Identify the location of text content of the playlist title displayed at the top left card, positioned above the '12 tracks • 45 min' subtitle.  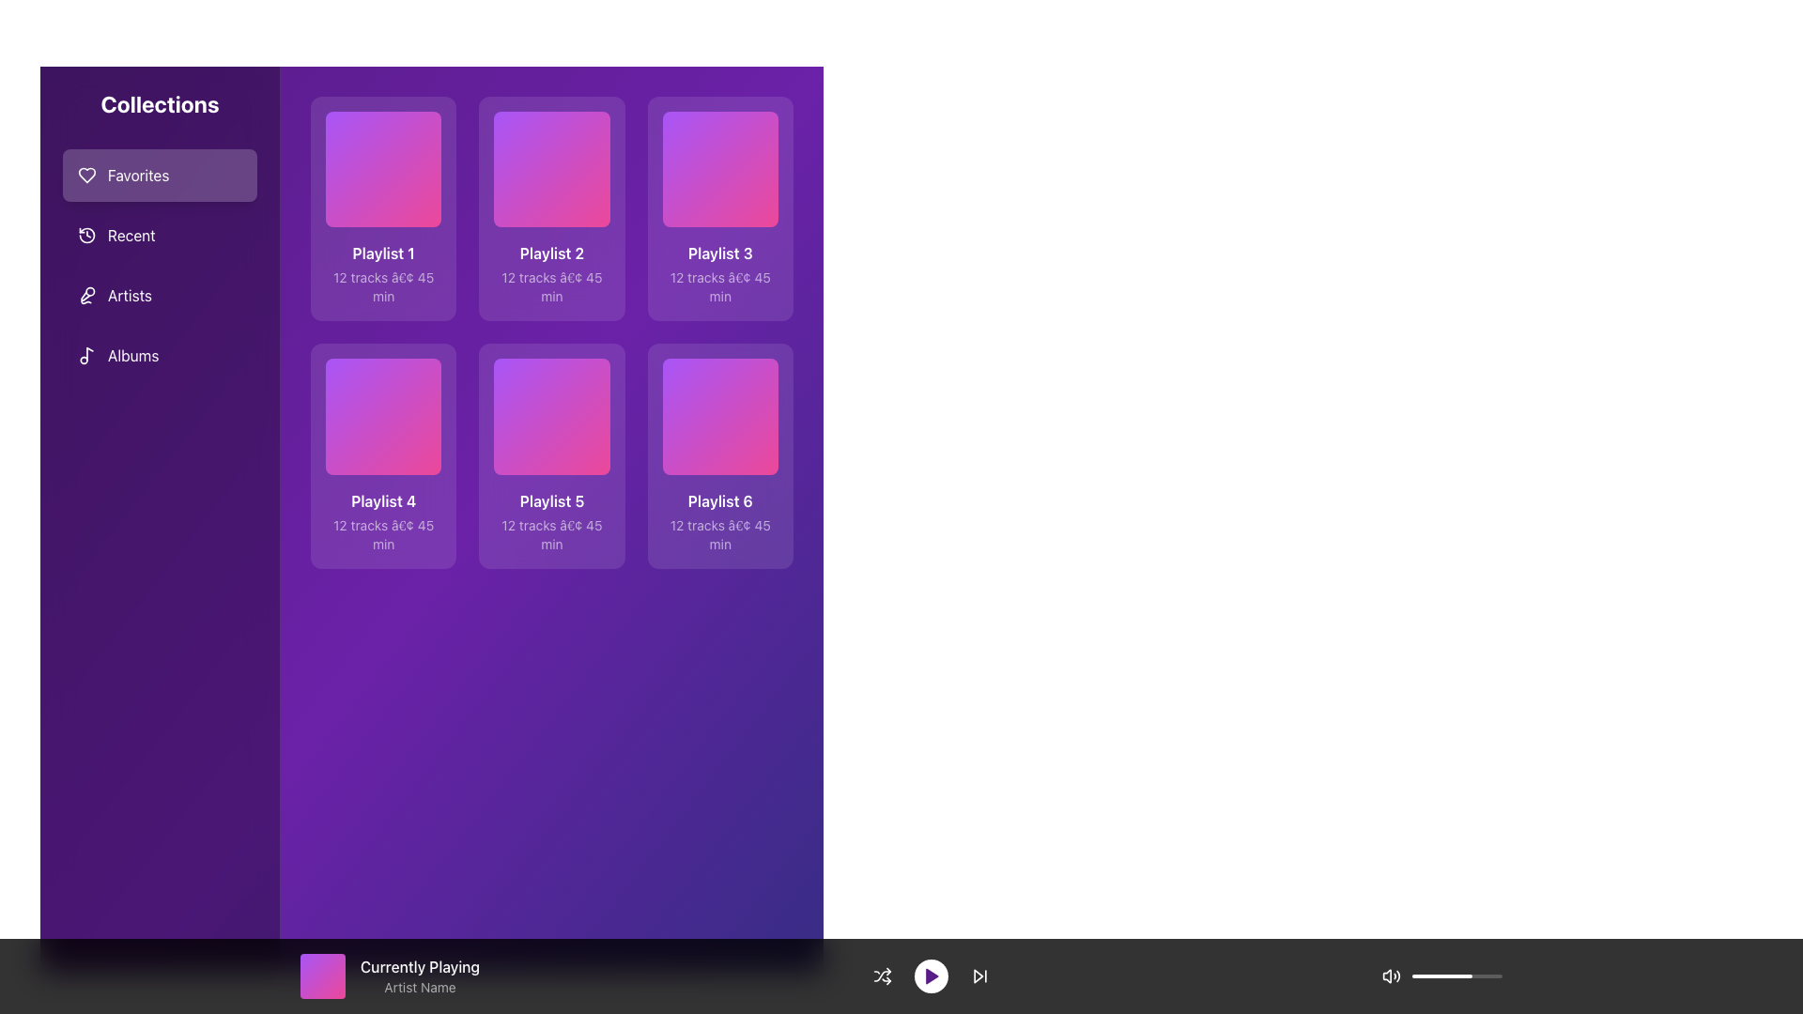
(382, 253).